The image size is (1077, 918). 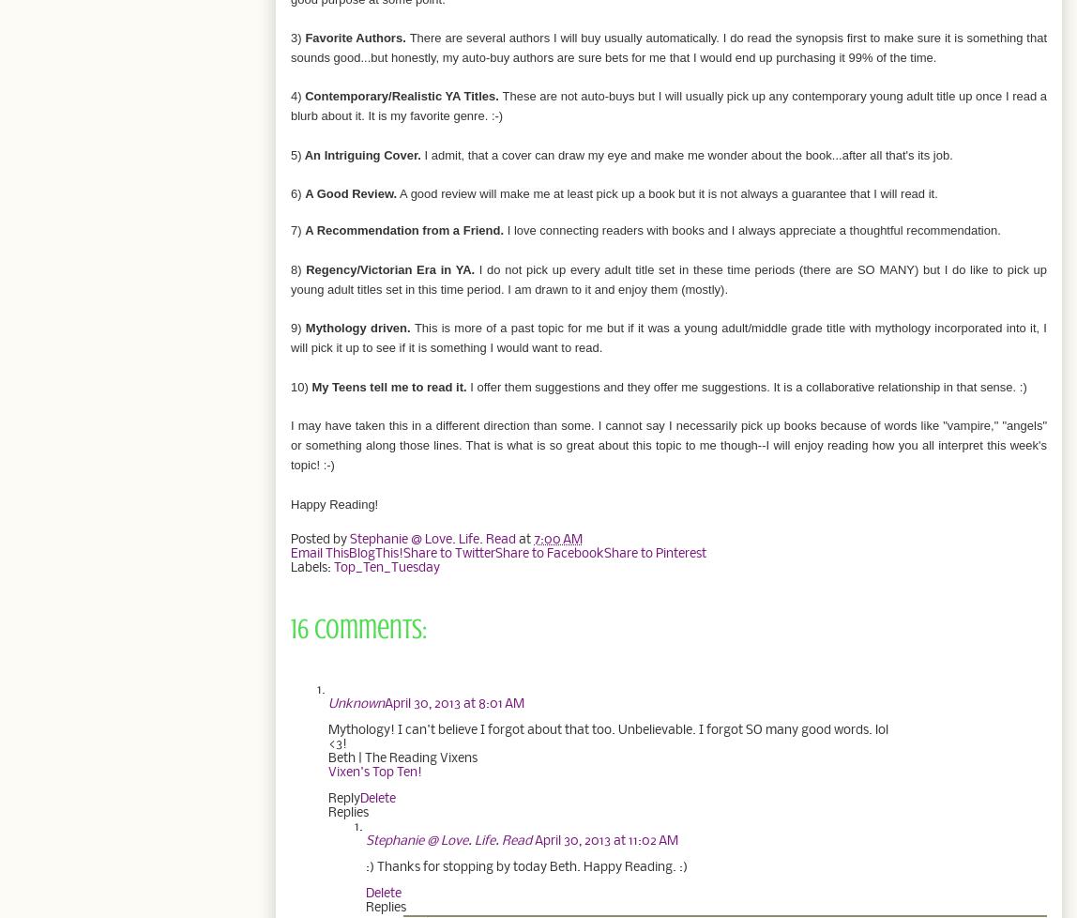 I want to click on 'Share to Facebook', so click(x=550, y=553).